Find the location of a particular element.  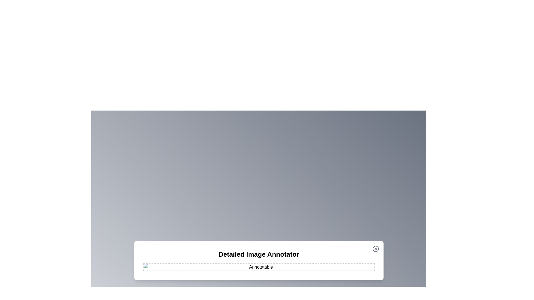

the image at coordinates (1070, 954) to add an annotation is located at coordinates (297, 264).